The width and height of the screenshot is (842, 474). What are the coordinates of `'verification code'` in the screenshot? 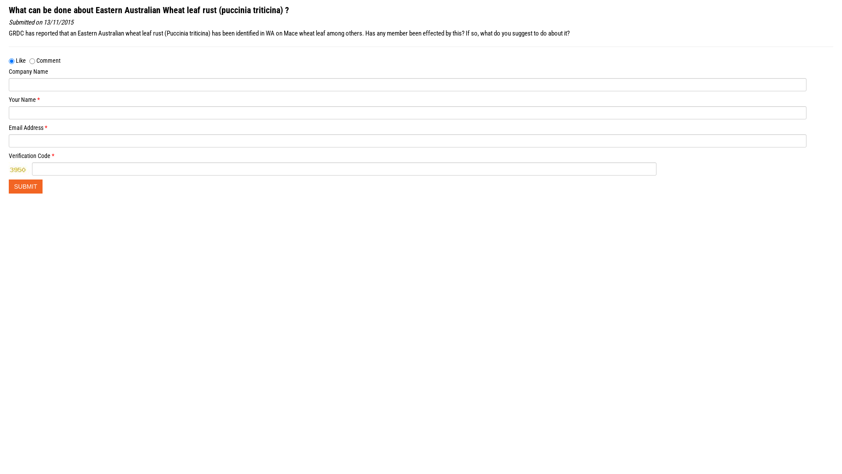 It's located at (8, 169).